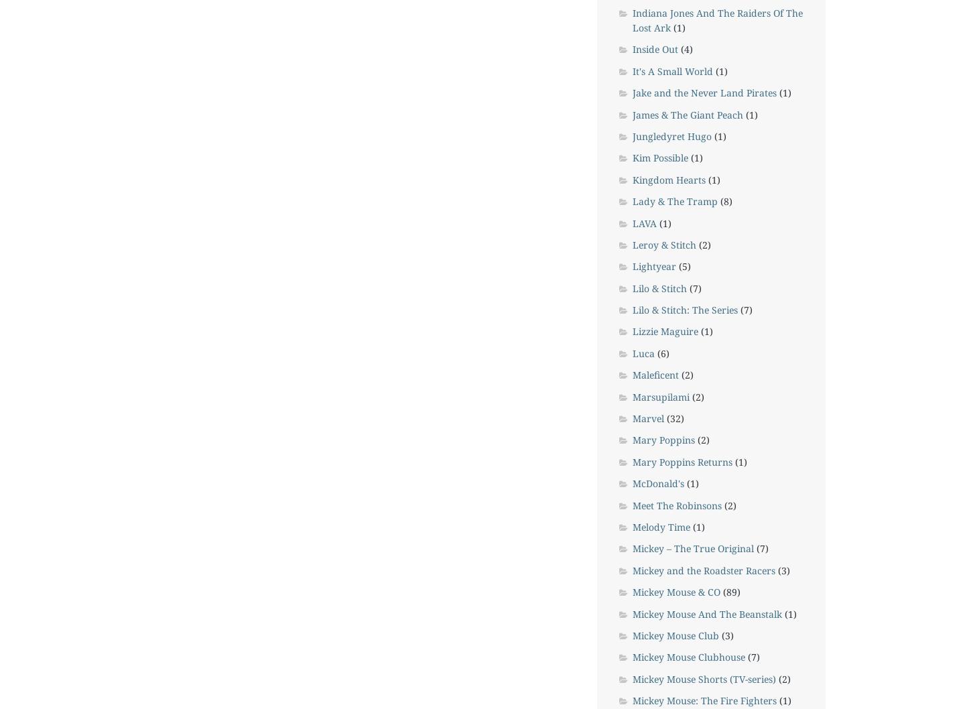 The image size is (965, 709). What do you see at coordinates (654, 375) in the screenshot?
I see `'Maleficent'` at bounding box center [654, 375].